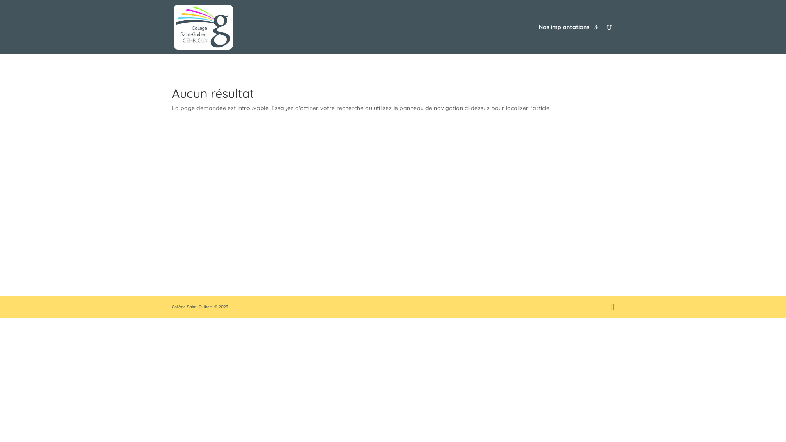  What do you see at coordinates (538, 39) in the screenshot?
I see `'Nos implantations'` at bounding box center [538, 39].